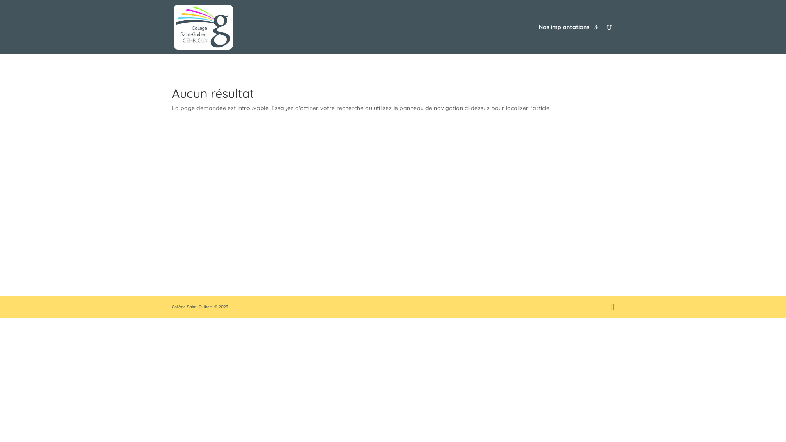  What do you see at coordinates (538, 39) in the screenshot?
I see `'Nos implantations'` at bounding box center [538, 39].